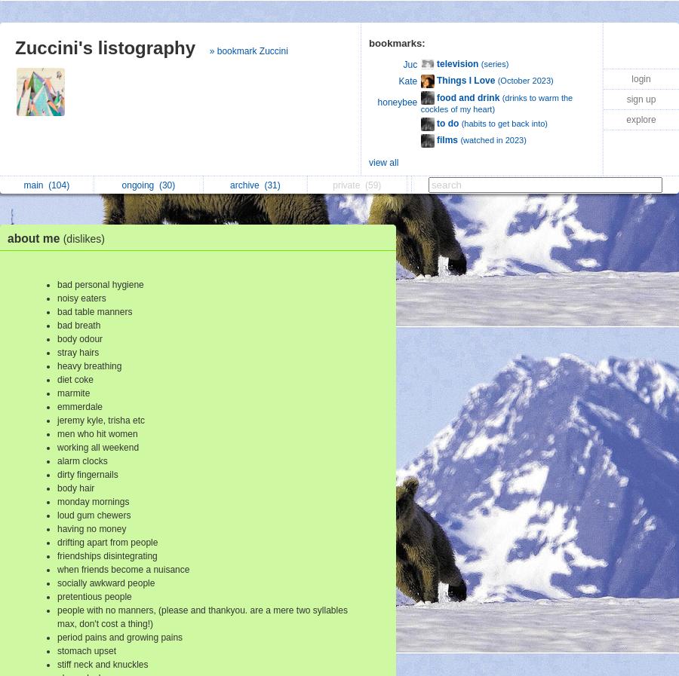 The image size is (679, 676). I want to click on 'to do', so click(447, 121).